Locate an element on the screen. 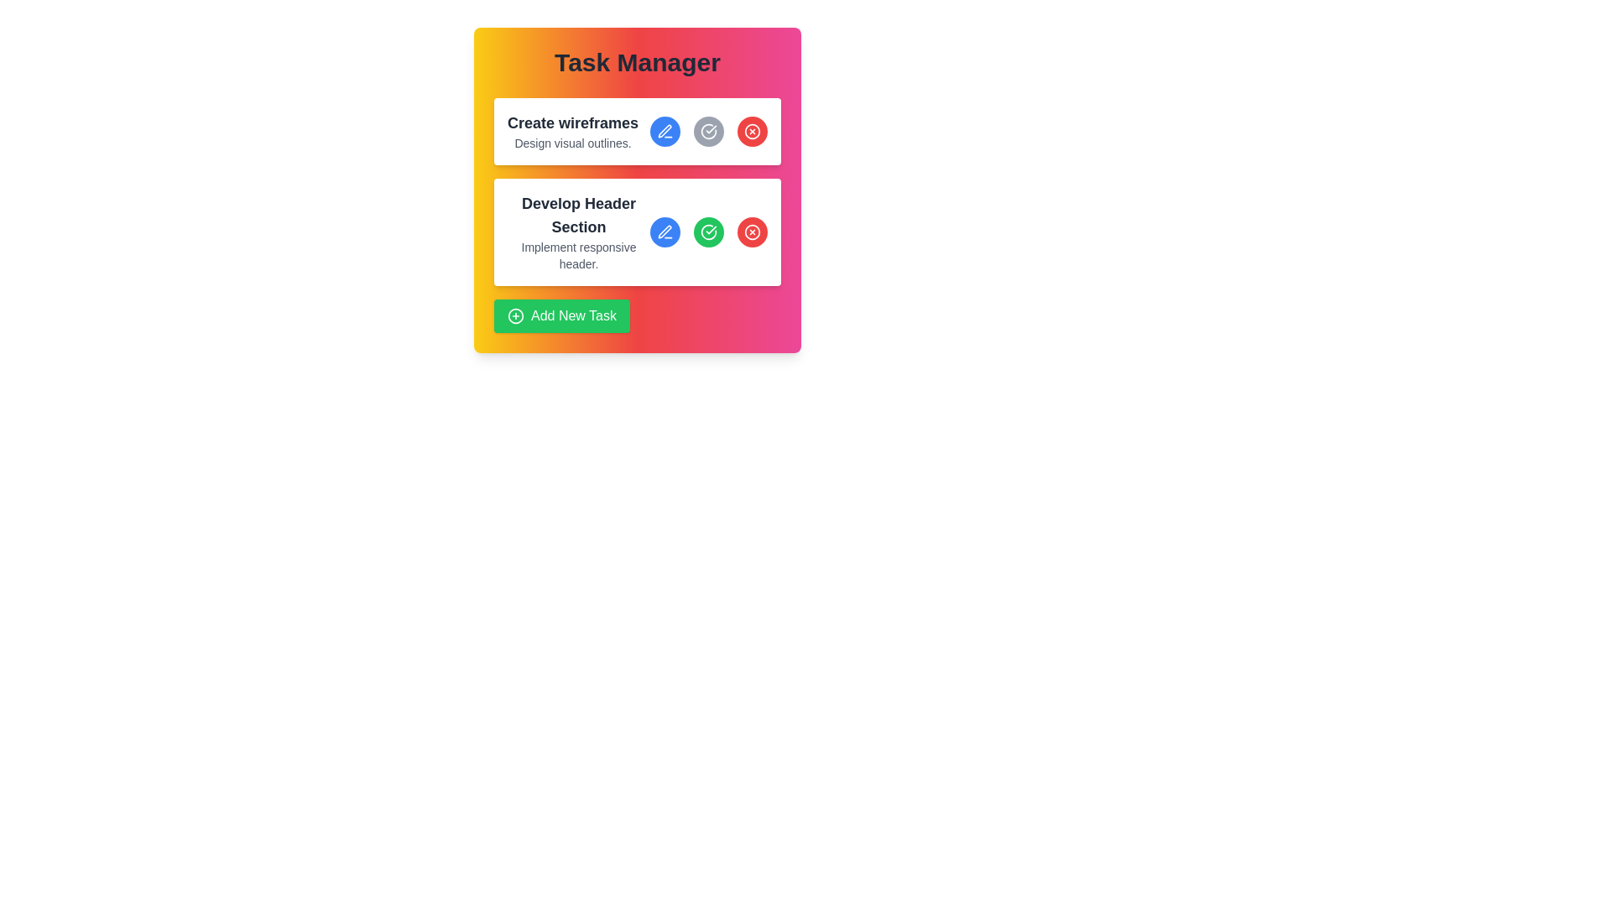 This screenshot has height=906, width=1611. the middle button in the second task card, located to the left of the red 'X' button, to change its appearance is located at coordinates (708, 232).